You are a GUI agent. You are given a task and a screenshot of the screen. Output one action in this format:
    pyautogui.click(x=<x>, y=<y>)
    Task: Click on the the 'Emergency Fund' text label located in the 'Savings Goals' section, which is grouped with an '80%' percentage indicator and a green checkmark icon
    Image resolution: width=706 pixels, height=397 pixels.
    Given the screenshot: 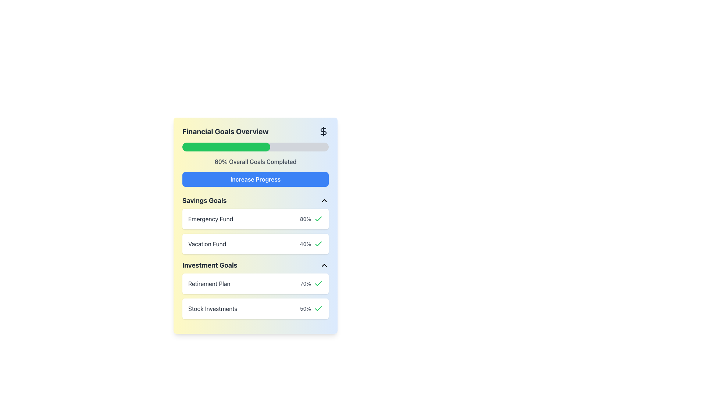 What is the action you would take?
    pyautogui.click(x=210, y=219)
    